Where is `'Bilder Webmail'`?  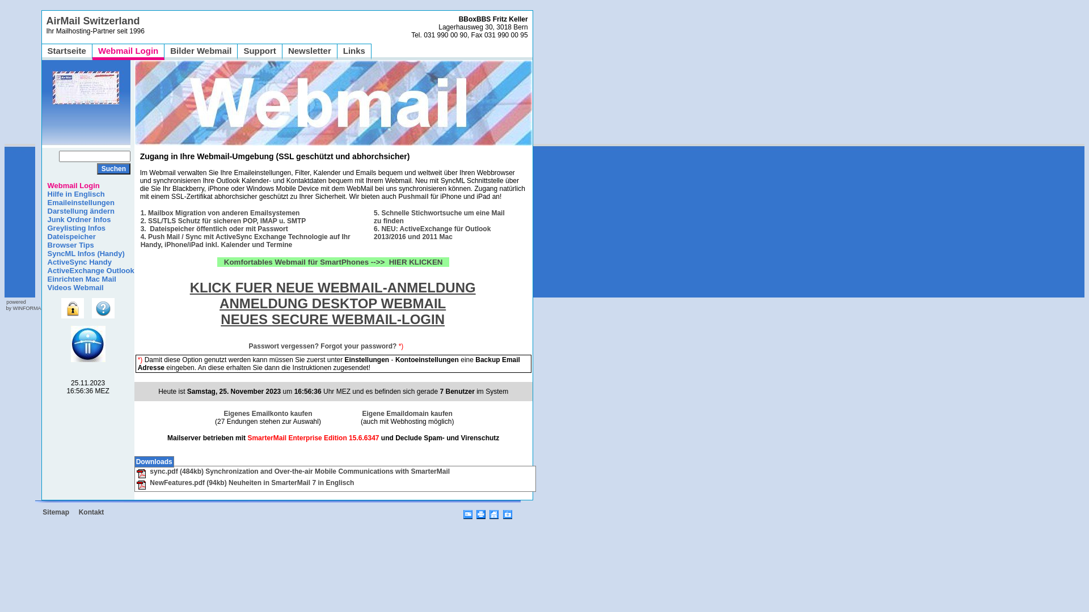 'Bilder Webmail' is located at coordinates (201, 50).